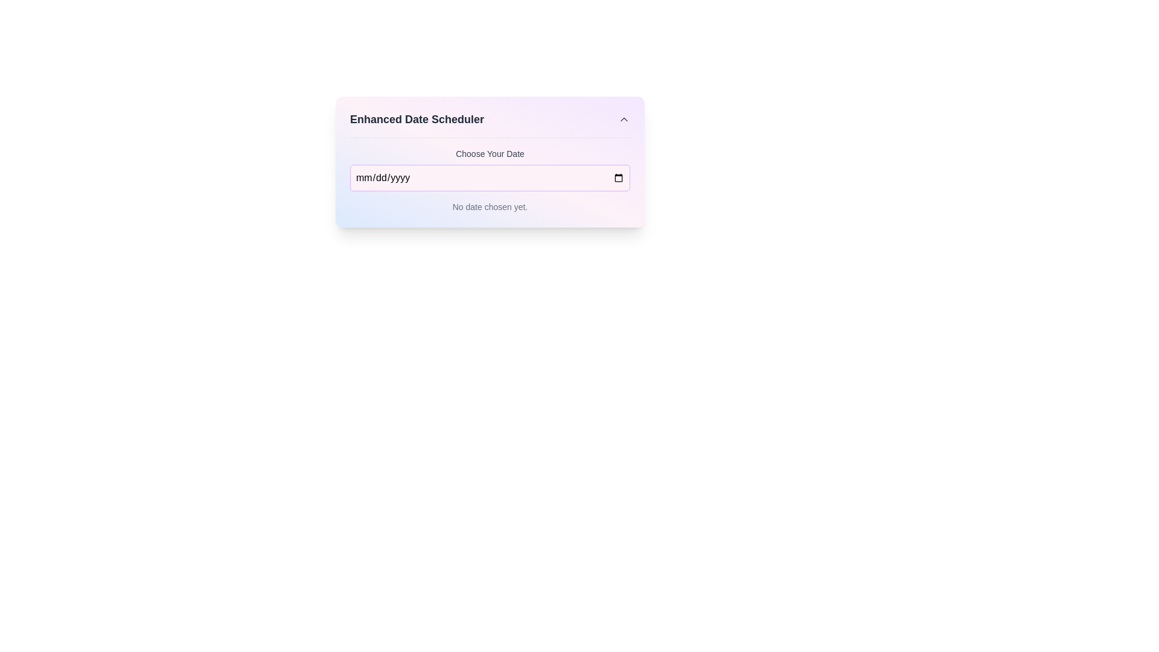  Describe the element at coordinates (490, 153) in the screenshot. I see `the Text Label that instructs the user to choose their date in the Enhanced Date Scheduler group, positioned above the date input field` at that location.